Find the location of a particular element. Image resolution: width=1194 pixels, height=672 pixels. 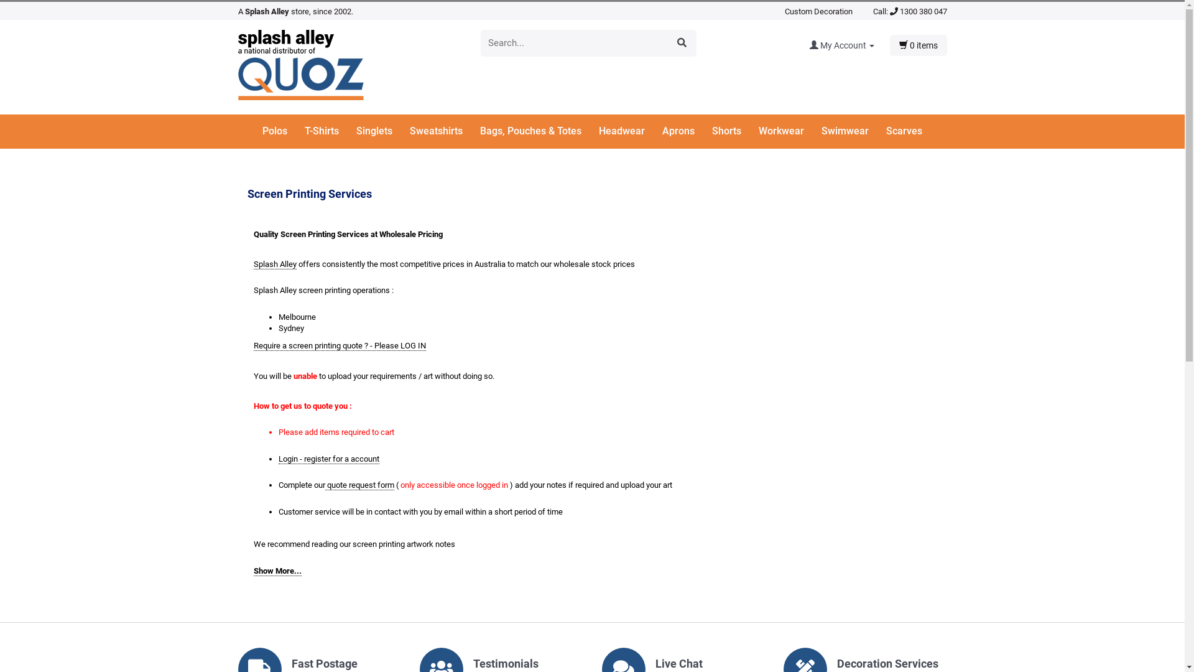

'Sweatshirts' is located at coordinates (443, 131).